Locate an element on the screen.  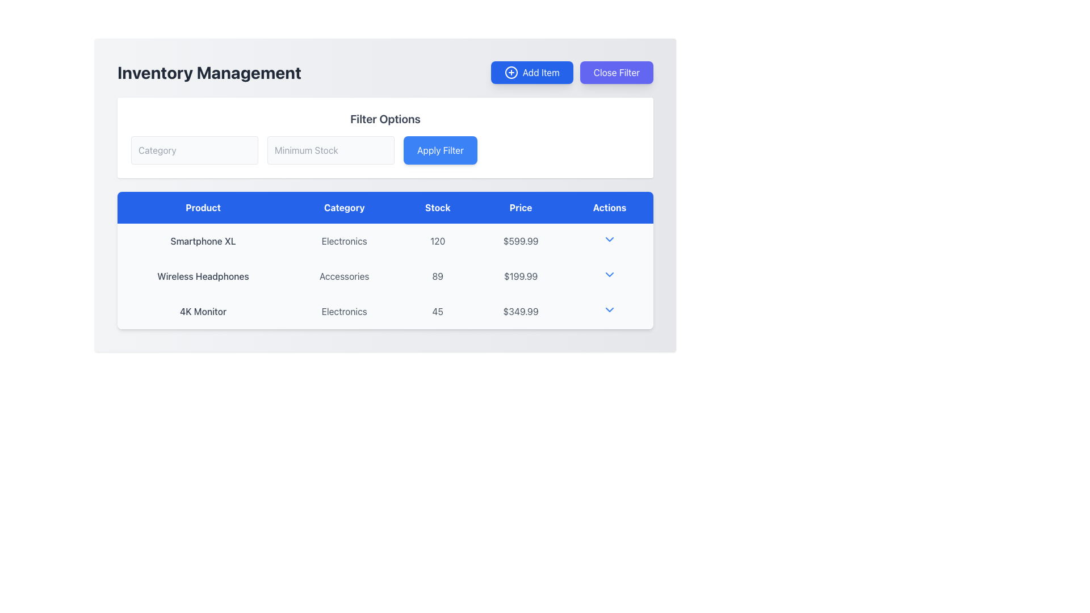
the price label displaying '$199.99' in gray text, which is located in the Price column of the product 'Wireless Headphones' row in the table is located at coordinates (520, 276).